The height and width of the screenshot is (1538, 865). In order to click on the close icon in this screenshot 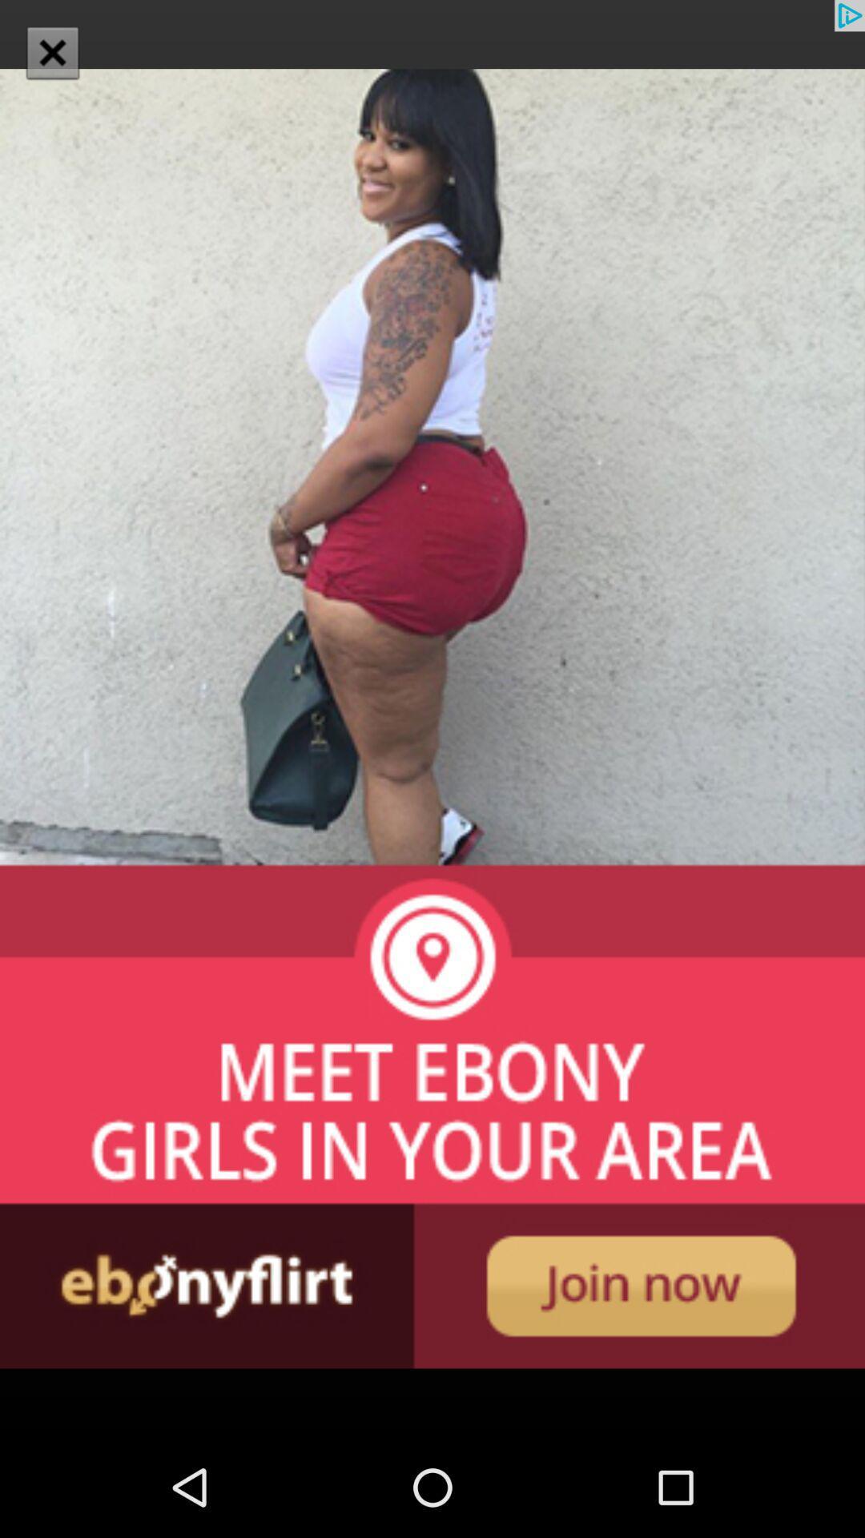, I will do `click(51, 56)`.